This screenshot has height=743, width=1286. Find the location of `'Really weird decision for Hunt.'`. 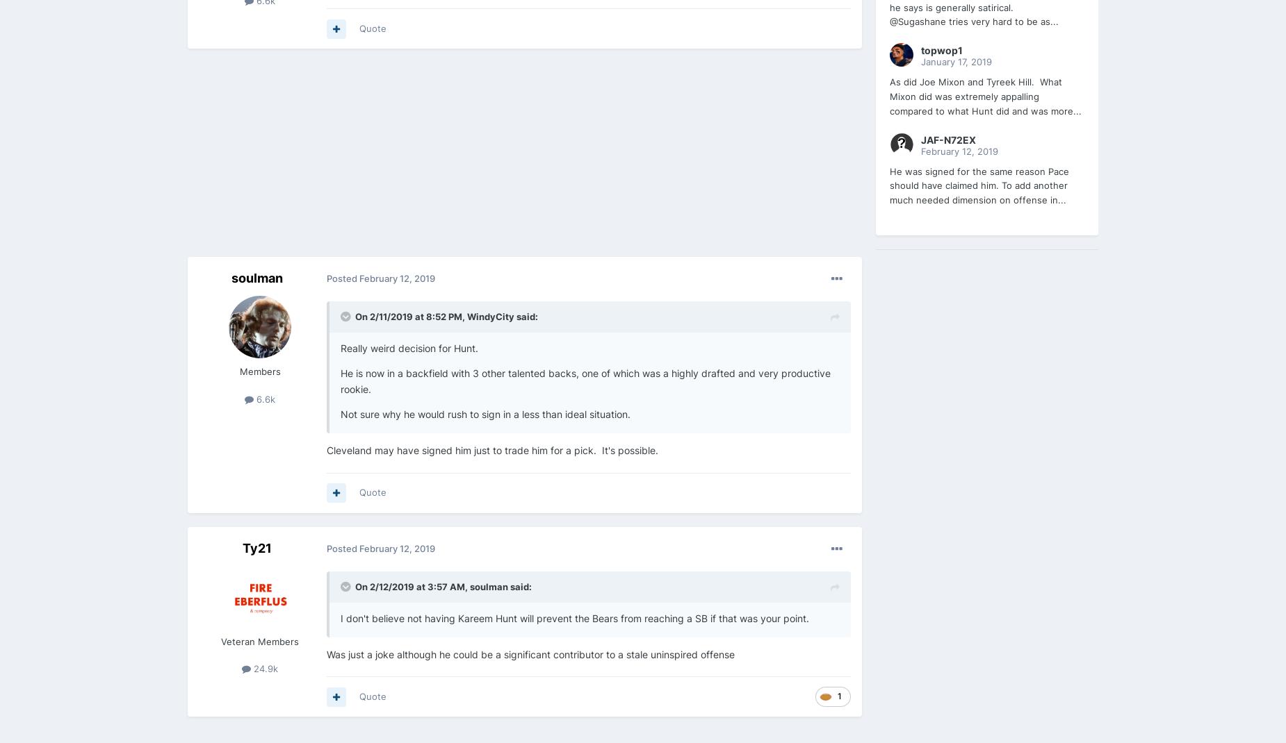

'Really weird decision for Hunt.' is located at coordinates (409, 347).